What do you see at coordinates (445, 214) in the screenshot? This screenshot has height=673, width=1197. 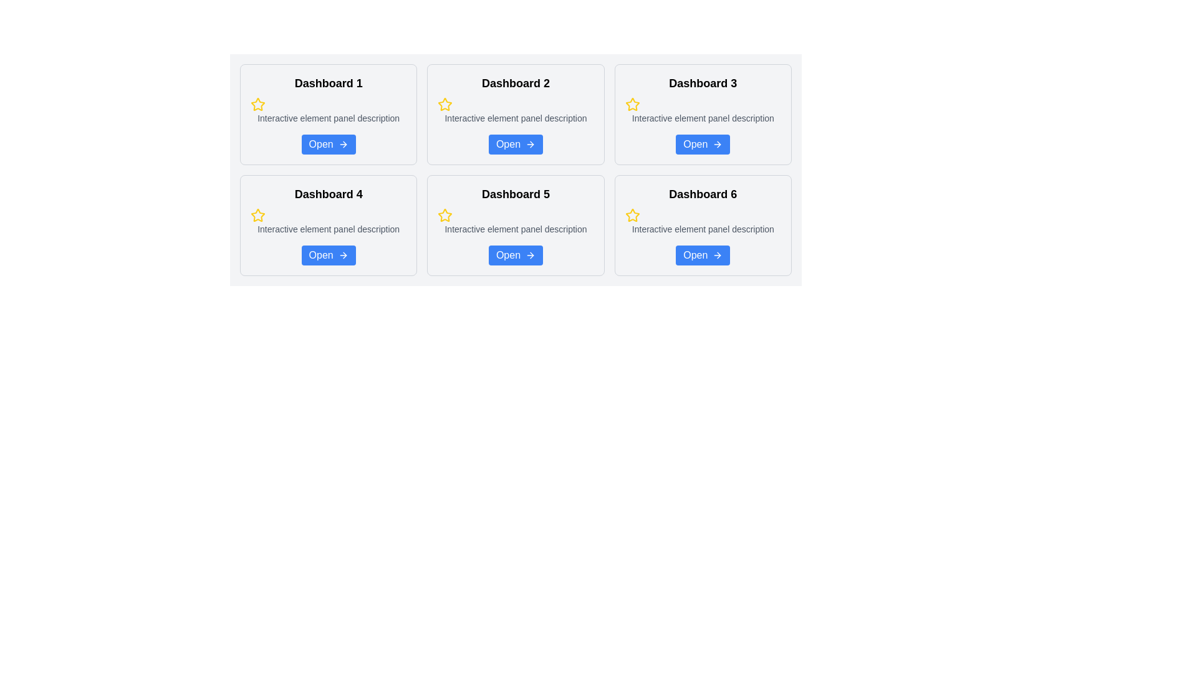 I see `the yellow outlined star icon located in the top-left corner of the 'Dashboard 5' panel` at bounding box center [445, 214].